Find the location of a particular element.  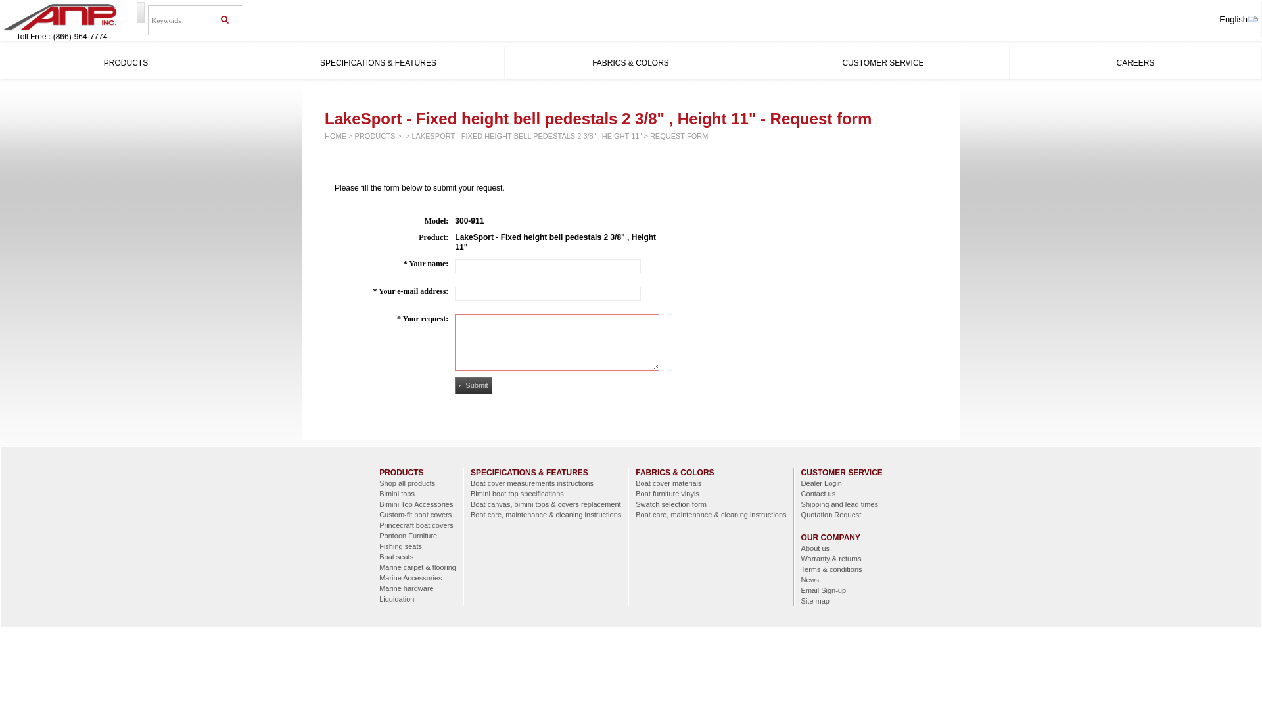

'Terms & conditions' is located at coordinates (842, 569).